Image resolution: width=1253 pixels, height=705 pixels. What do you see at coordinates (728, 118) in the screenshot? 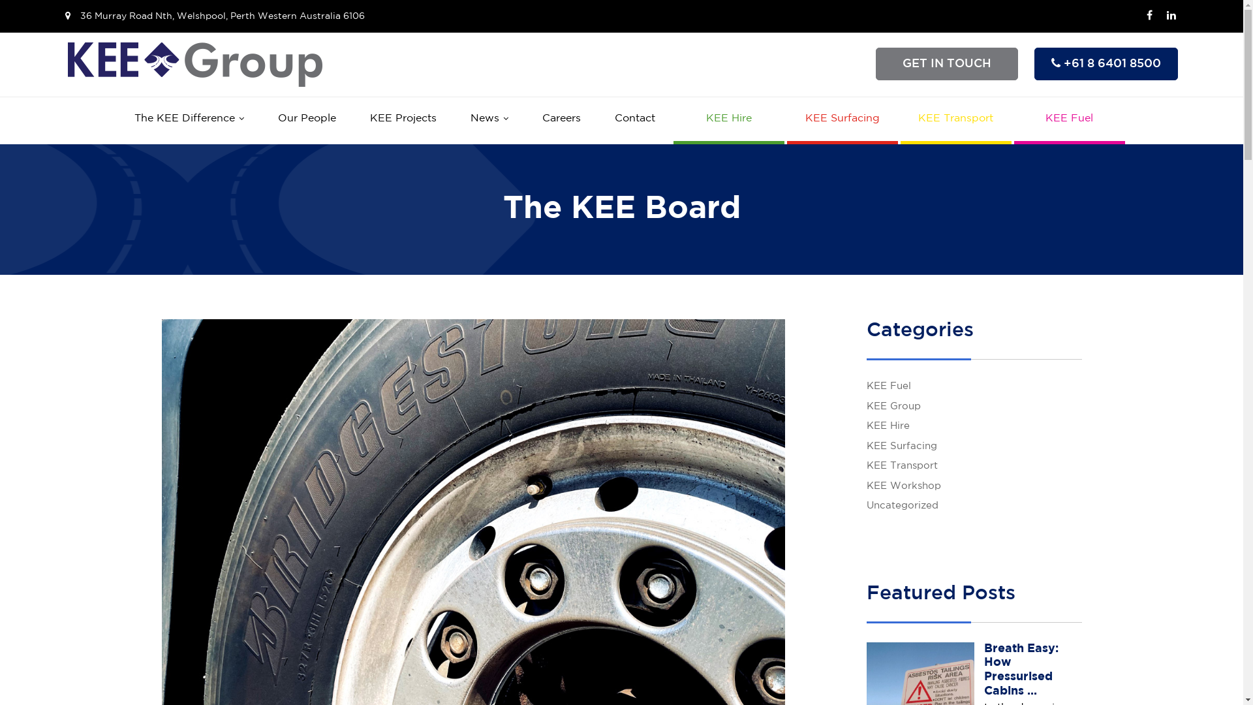
I see `'KEE Hire'` at bounding box center [728, 118].